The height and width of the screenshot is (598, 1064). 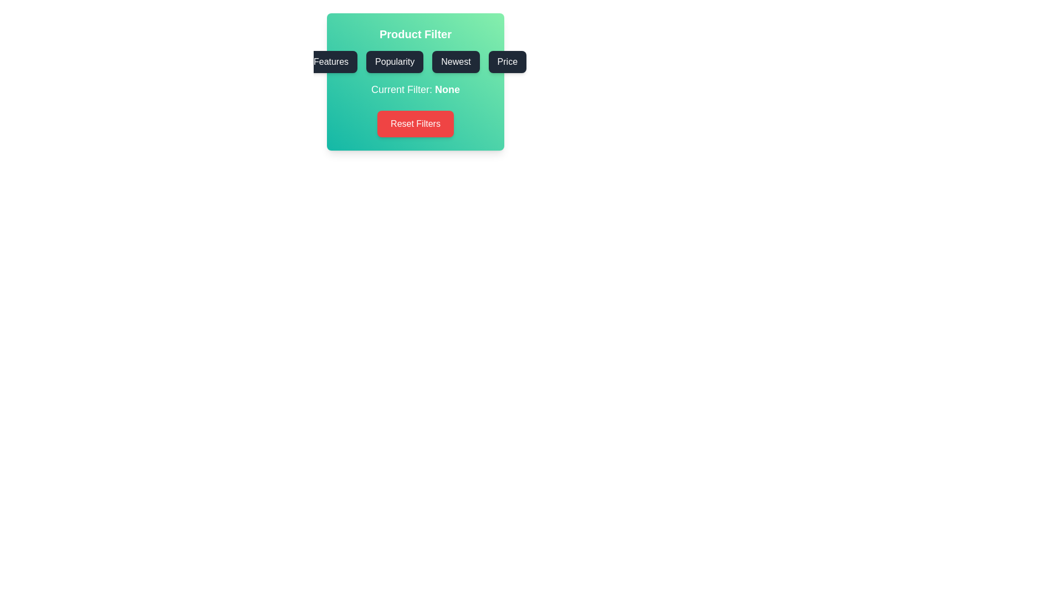 I want to click on the Features button to select the corresponding filter, so click(x=330, y=61).